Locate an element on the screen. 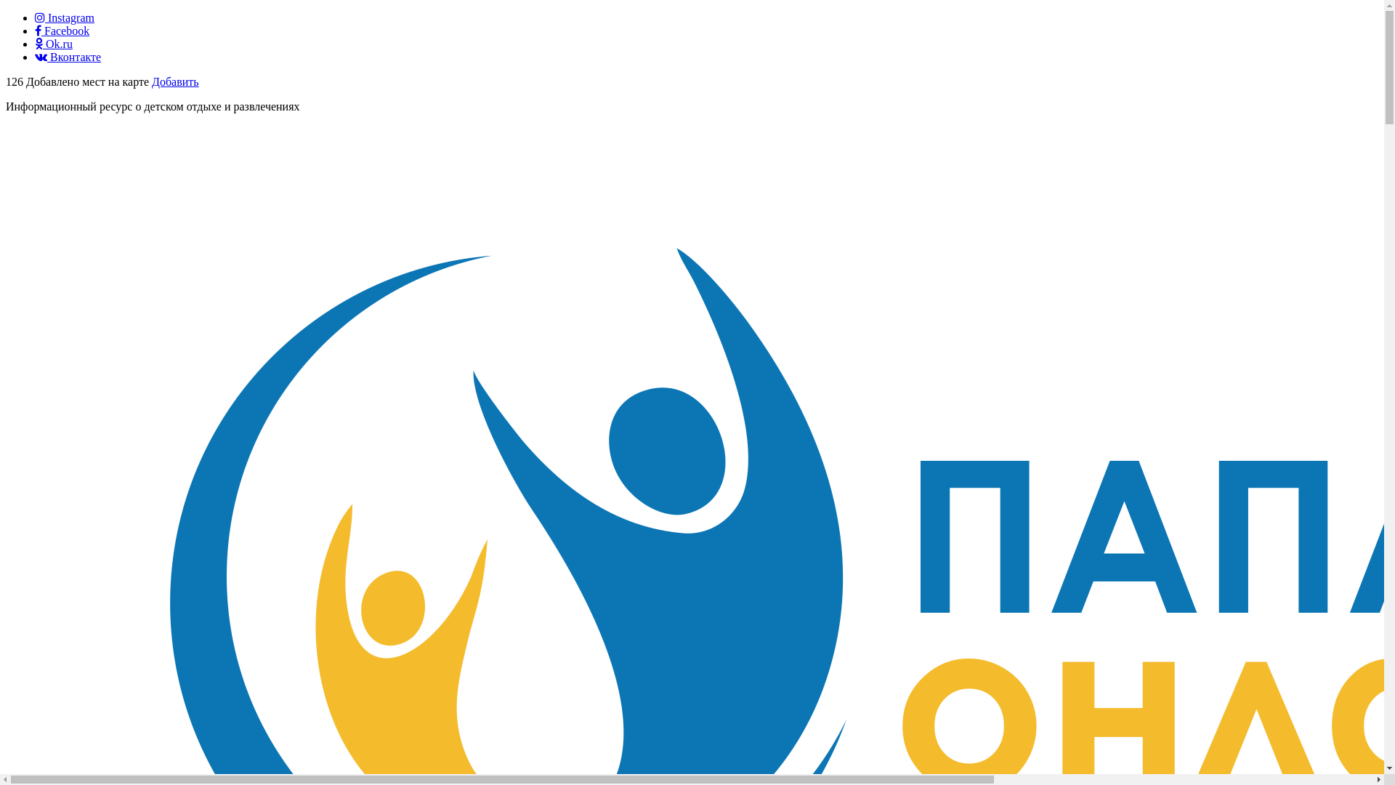  'Instagram' is located at coordinates (35, 17).